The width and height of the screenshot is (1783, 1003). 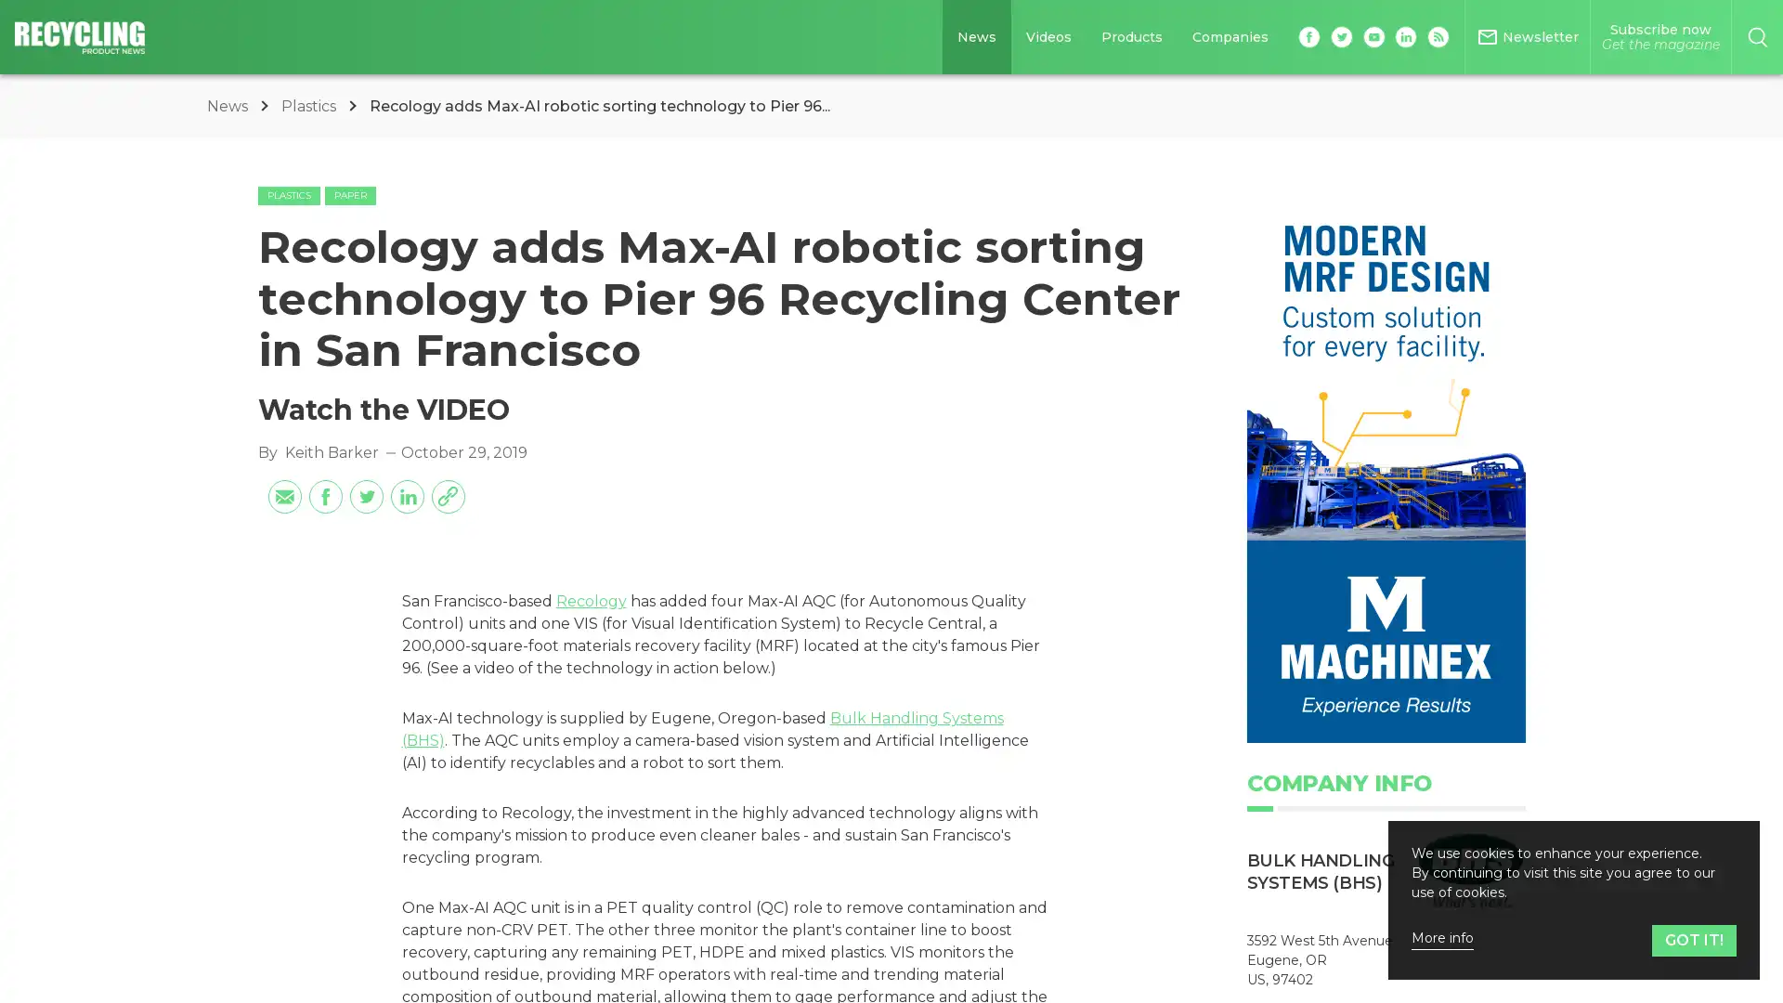 What do you see at coordinates (447, 494) in the screenshot?
I see `Copy the link` at bounding box center [447, 494].